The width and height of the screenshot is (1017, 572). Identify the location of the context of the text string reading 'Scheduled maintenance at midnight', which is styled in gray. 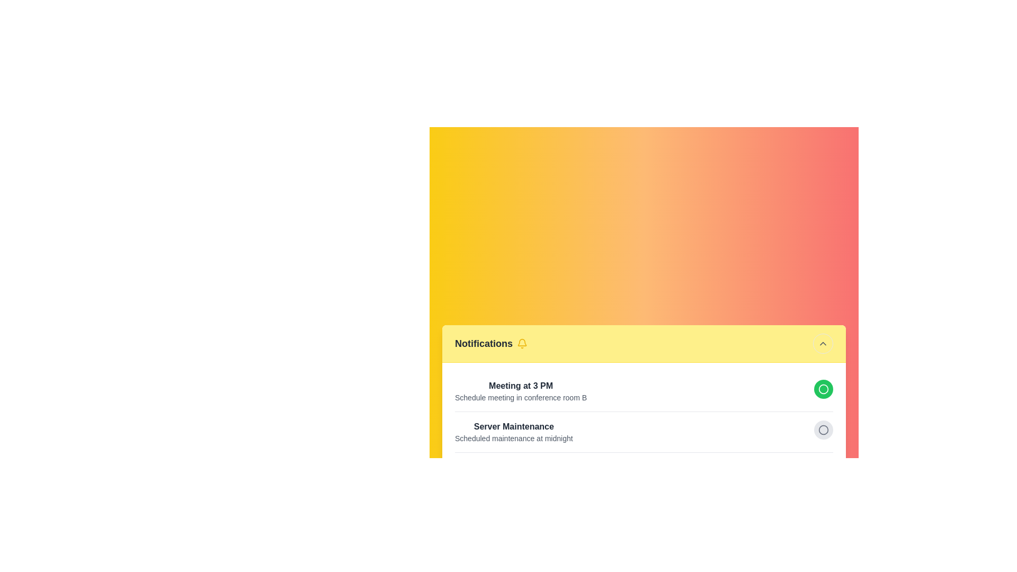
(514, 438).